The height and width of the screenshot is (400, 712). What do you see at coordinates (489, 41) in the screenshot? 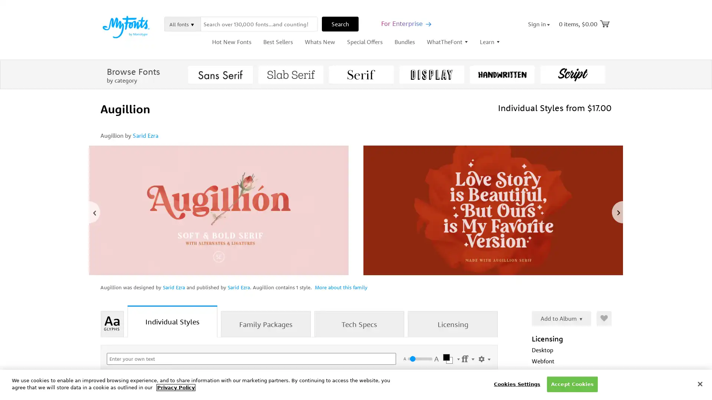
I see `Learn` at bounding box center [489, 41].